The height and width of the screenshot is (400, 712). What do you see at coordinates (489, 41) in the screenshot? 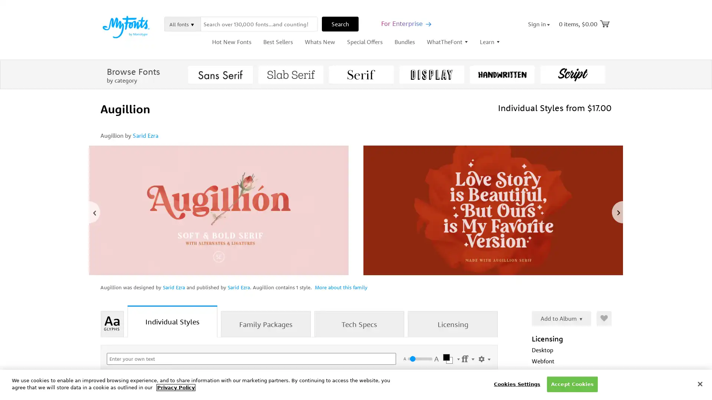
I see `Learn` at bounding box center [489, 41].